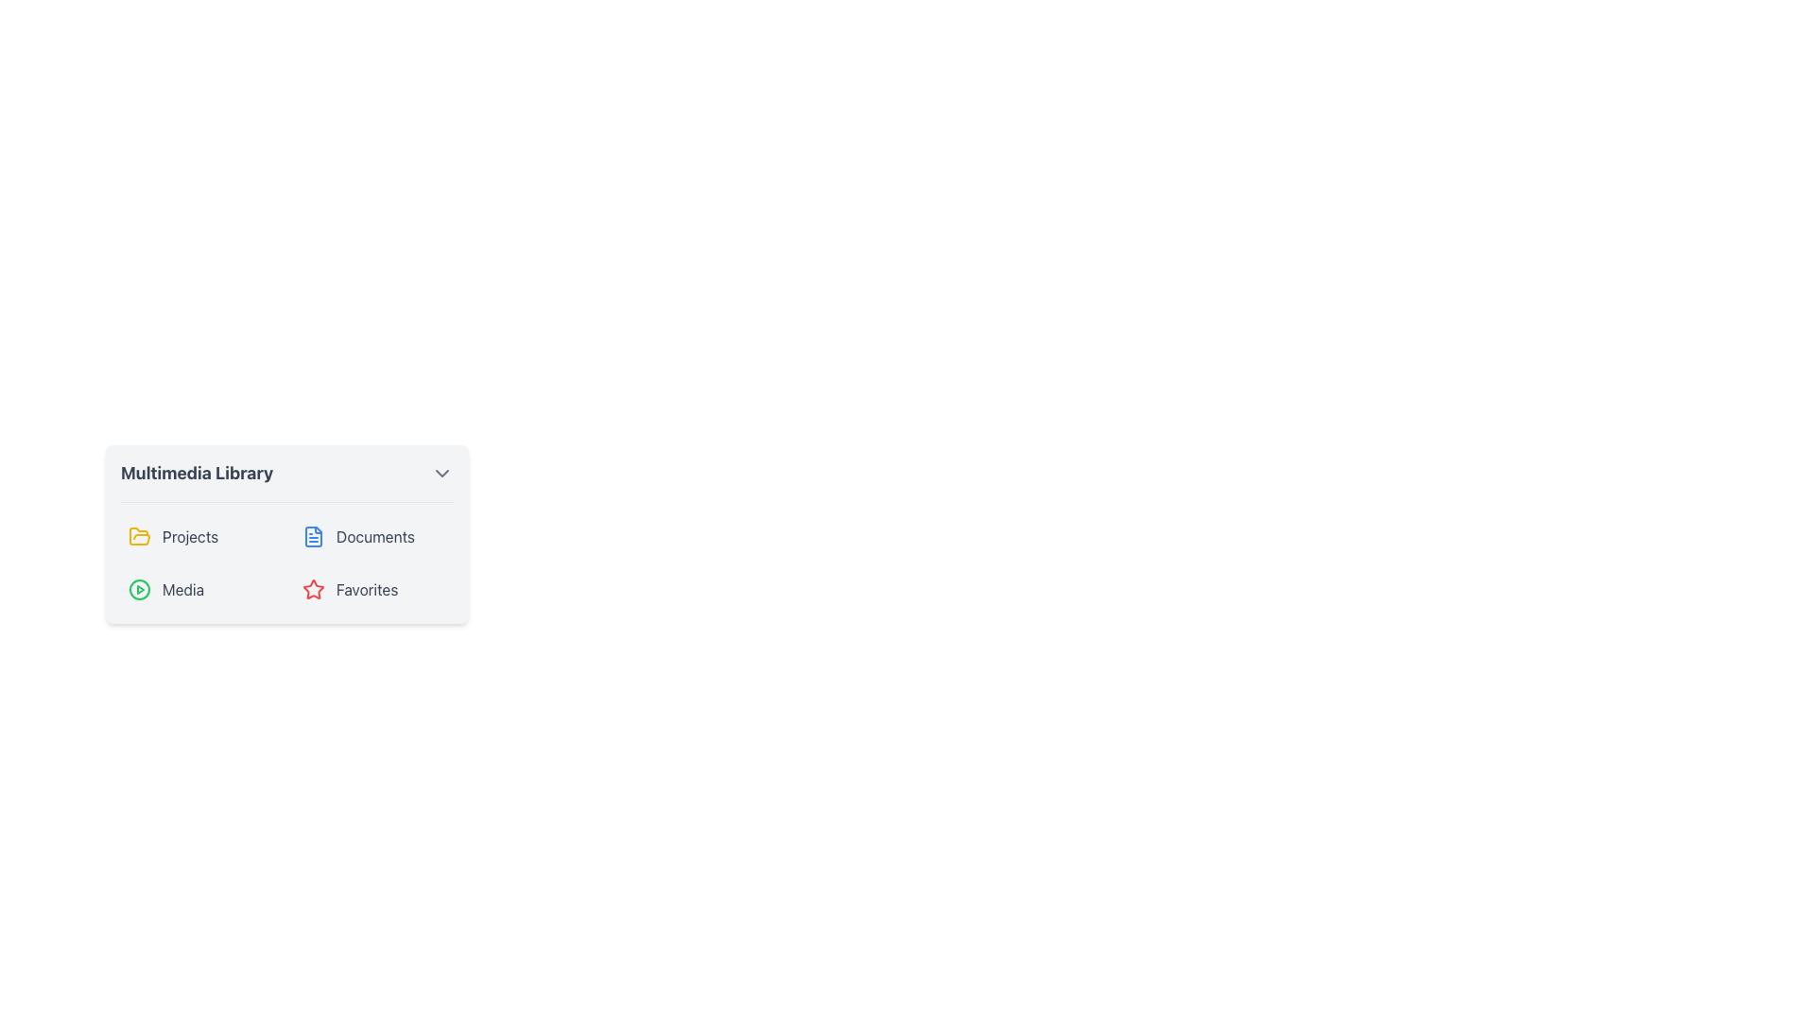 Image resolution: width=1815 pixels, height=1021 pixels. Describe the element at coordinates (199, 536) in the screenshot. I see `the selectable list item with the yellow folder icon and text 'Projects'` at that location.